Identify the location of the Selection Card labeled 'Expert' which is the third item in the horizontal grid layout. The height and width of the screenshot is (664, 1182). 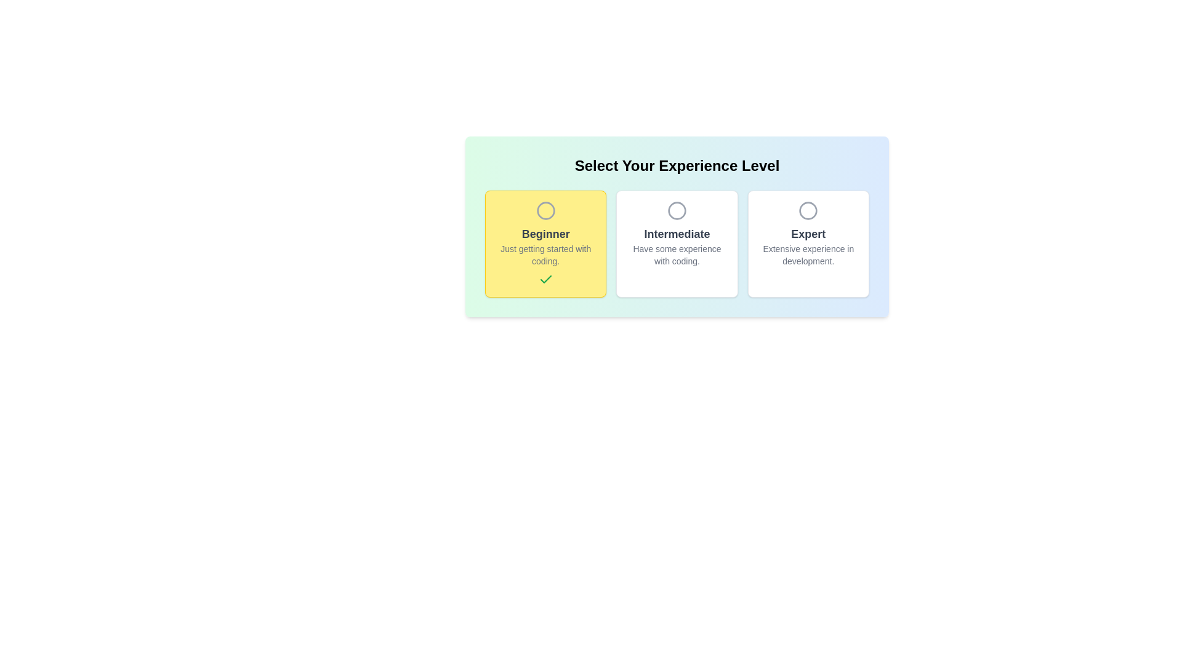
(808, 244).